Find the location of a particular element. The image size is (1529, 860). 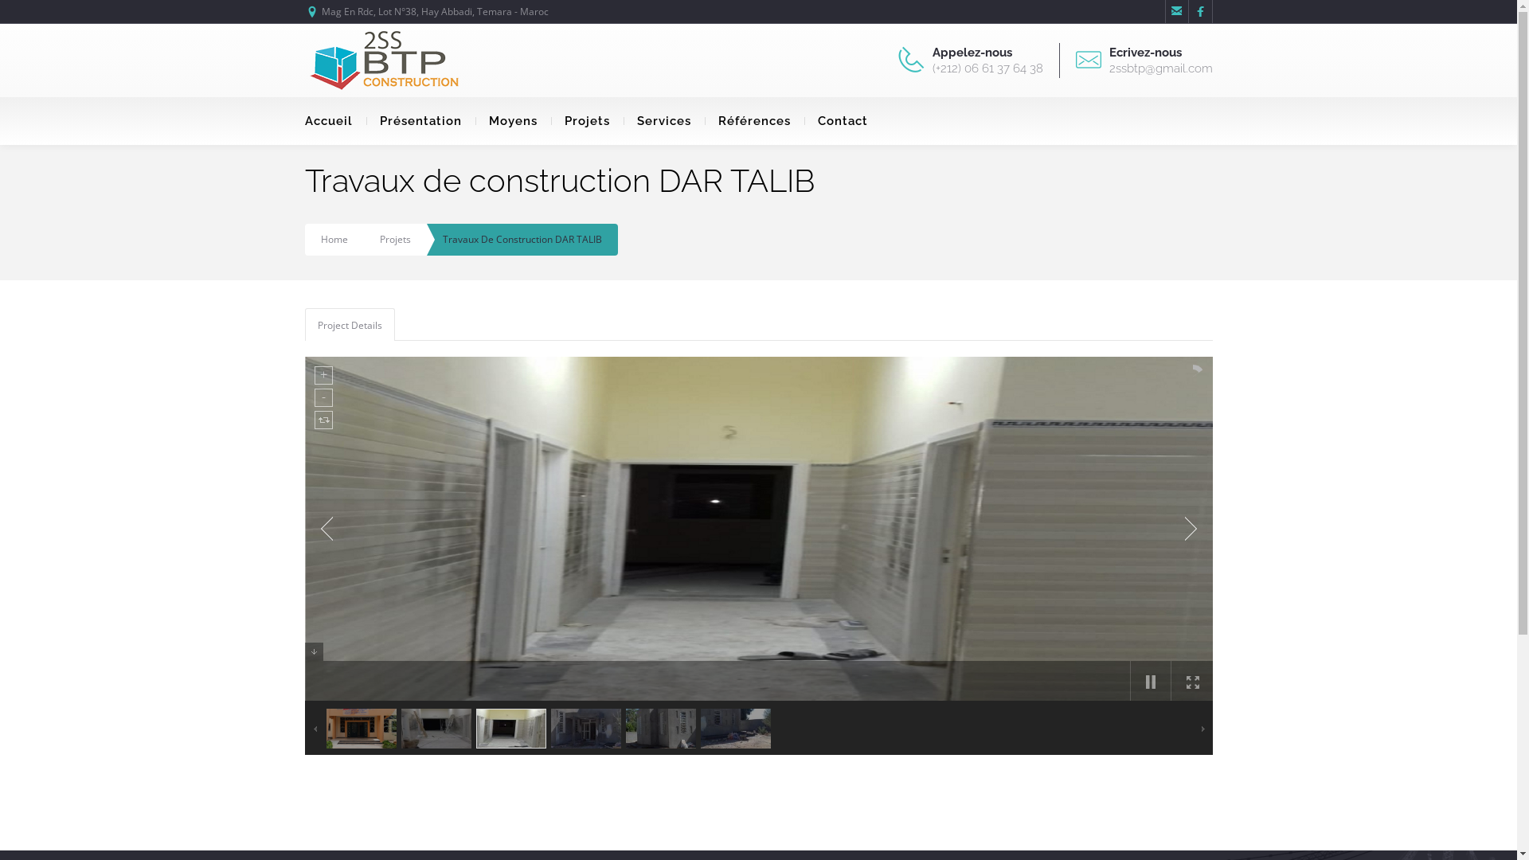

'Services' is located at coordinates (663, 119).